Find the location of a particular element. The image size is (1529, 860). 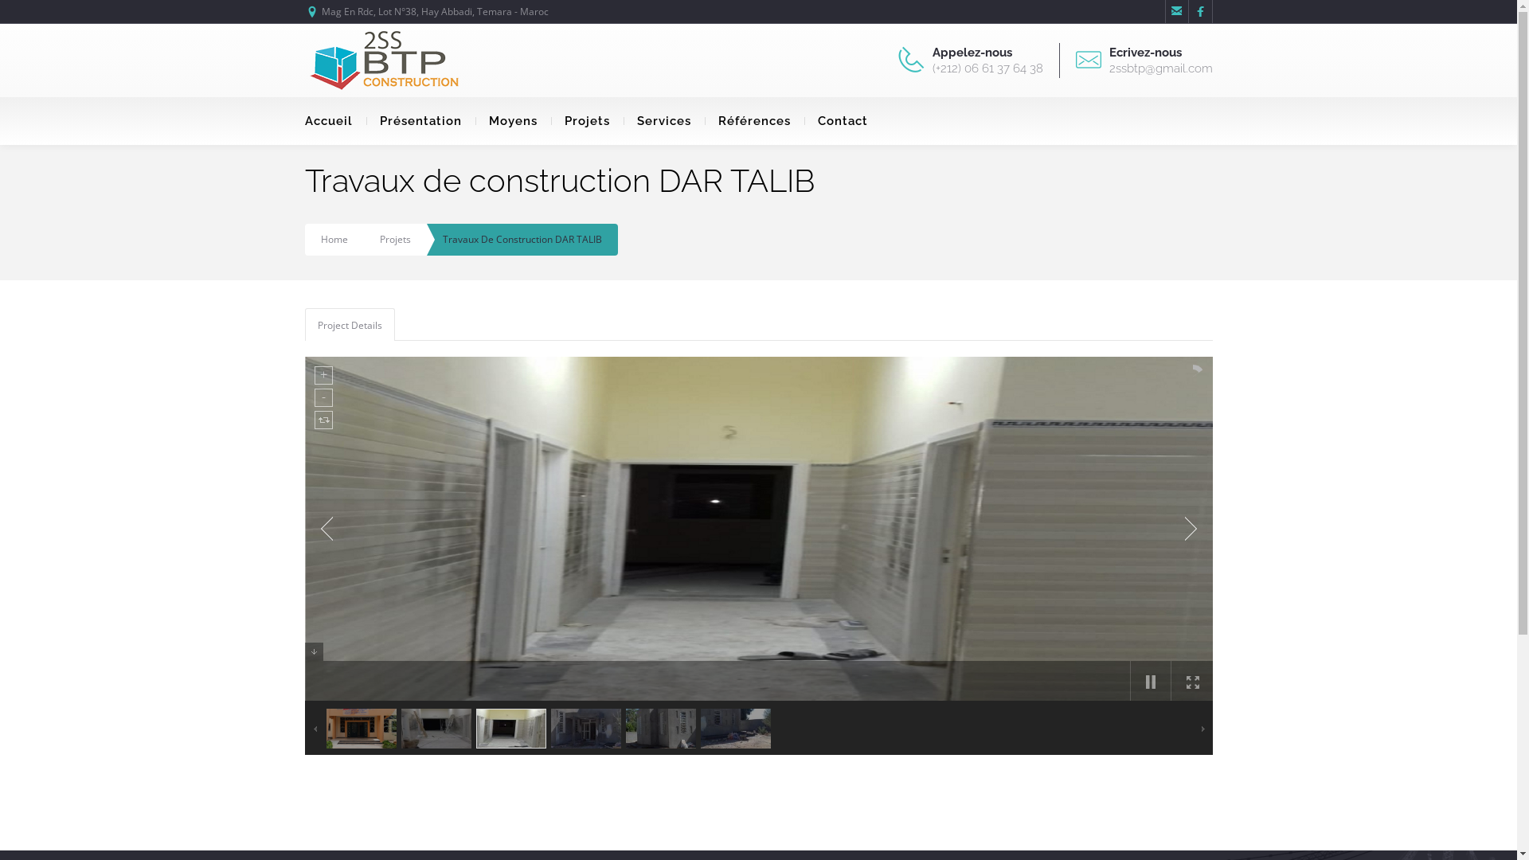

'Services' is located at coordinates (663, 119).